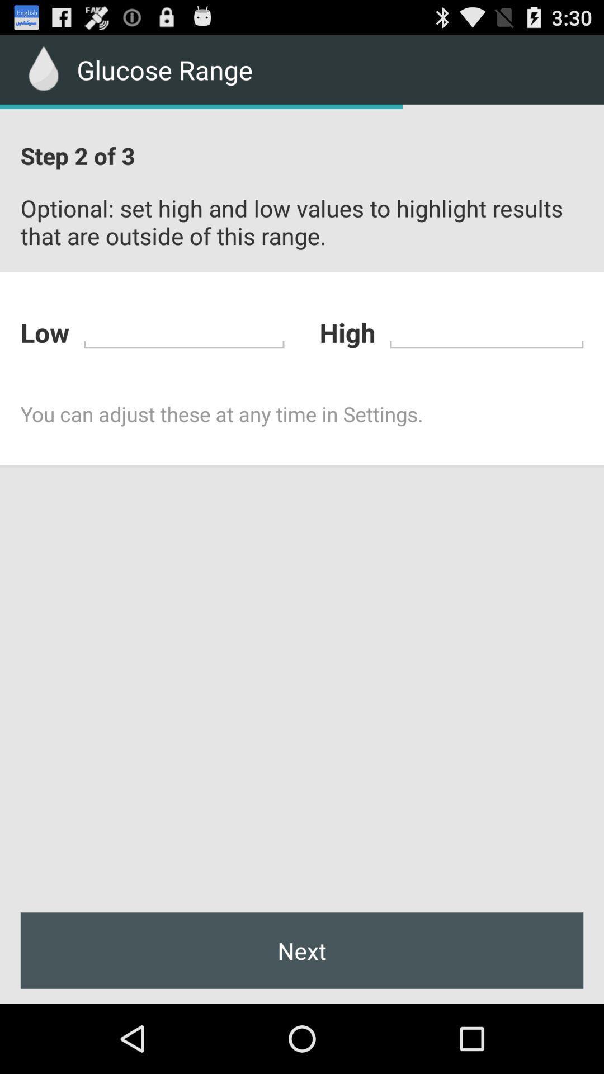 The width and height of the screenshot is (604, 1074). Describe the element at coordinates (486, 330) in the screenshot. I see `input high amount` at that location.